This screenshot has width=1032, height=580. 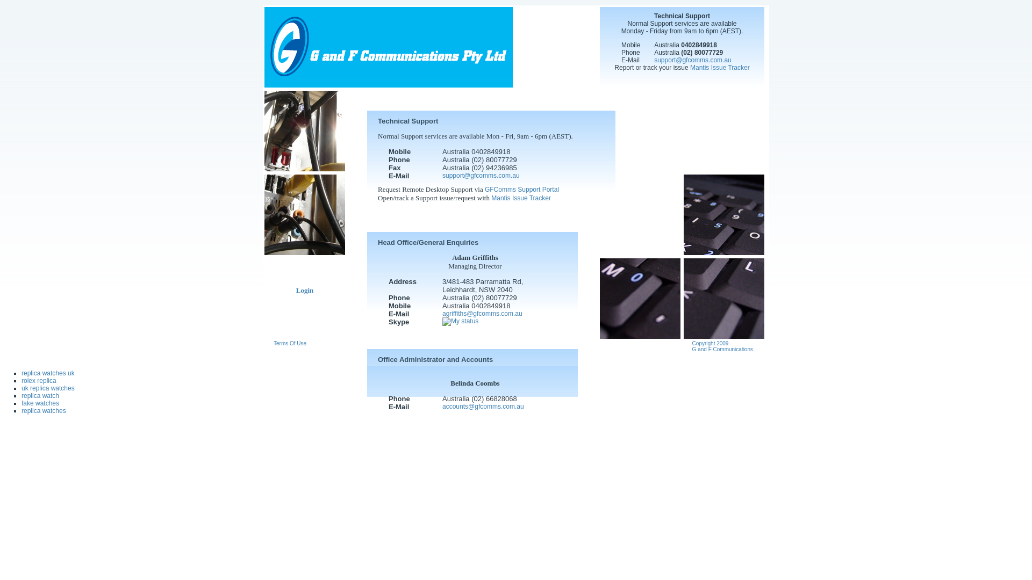 What do you see at coordinates (521, 198) in the screenshot?
I see `'Mantis Issue Tracker'` at bounding box center [521, 198].